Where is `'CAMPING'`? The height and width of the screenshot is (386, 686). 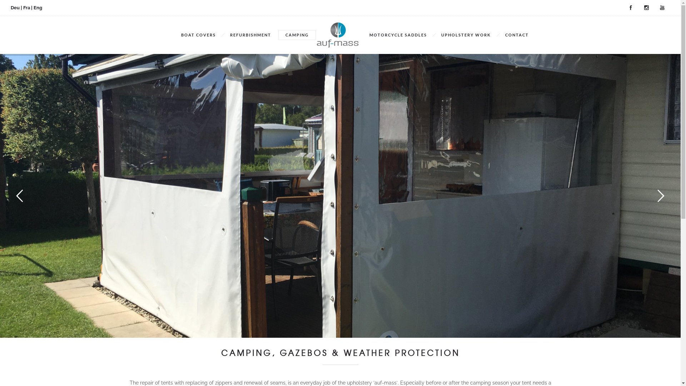
'CAMPING' is located at coordinates (297, 35).